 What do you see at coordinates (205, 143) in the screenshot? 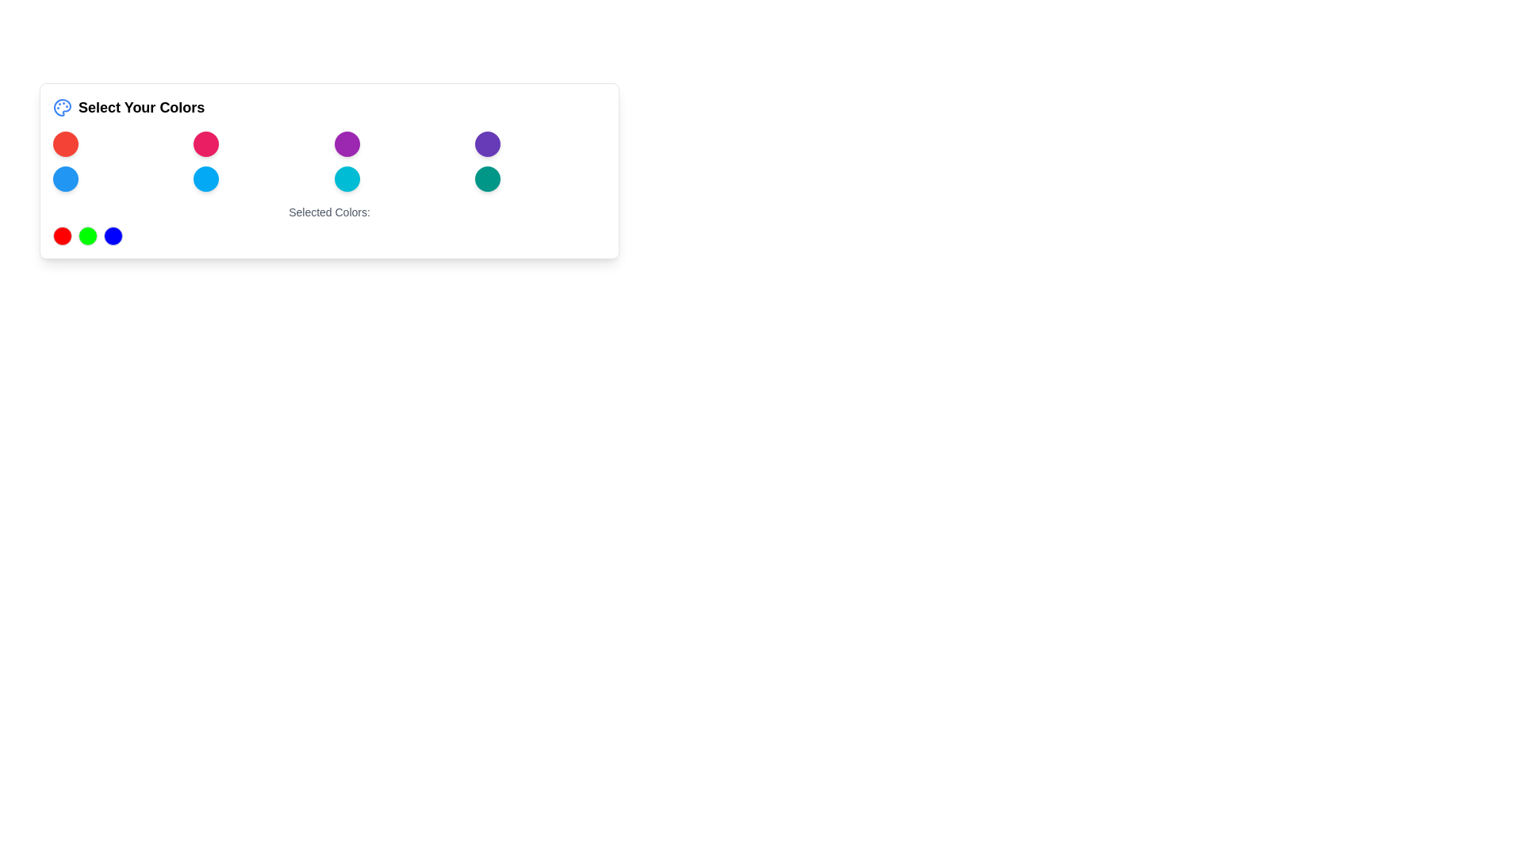
I see `the color selector button for pink, which is the second circular button in the grid layout located in the top row of the 'Select Your Colors' card` at bounding box center [205, 143].